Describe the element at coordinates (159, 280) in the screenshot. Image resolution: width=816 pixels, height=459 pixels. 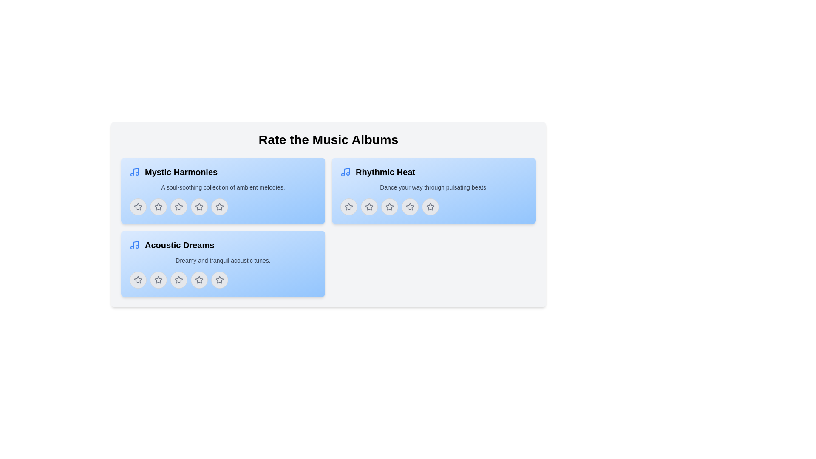
I see `the first rating star icon, which is a hollow star styled in a minimalistic line-drawn design, located below the 'Acoustic Dreams' music card` at that location.